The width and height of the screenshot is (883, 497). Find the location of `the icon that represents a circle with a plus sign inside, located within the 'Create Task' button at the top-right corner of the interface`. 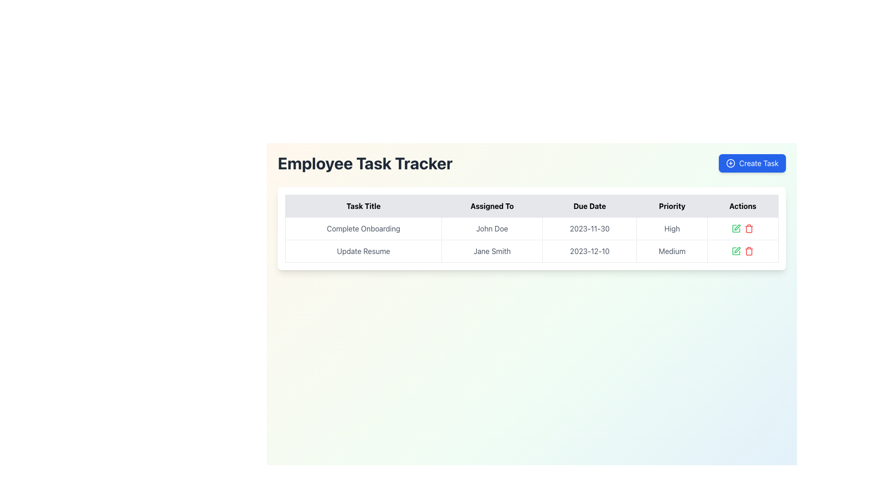

the icon that represents a circle with a plus sign inside, located within the 'Create Task' button at the top-right corner of the interface is located at coordinates (730, 162).